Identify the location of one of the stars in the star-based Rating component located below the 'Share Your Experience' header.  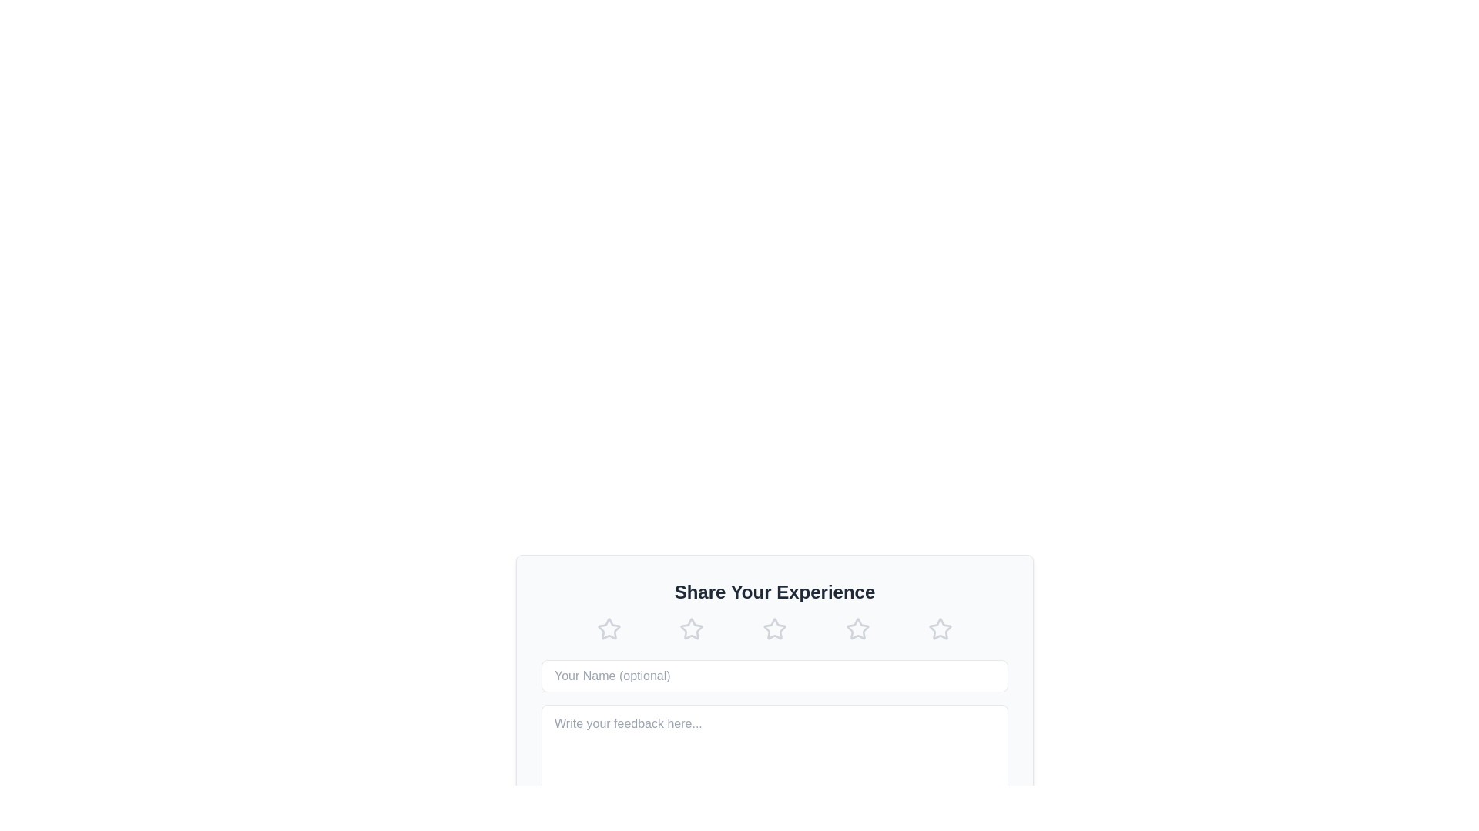
(775, 629).